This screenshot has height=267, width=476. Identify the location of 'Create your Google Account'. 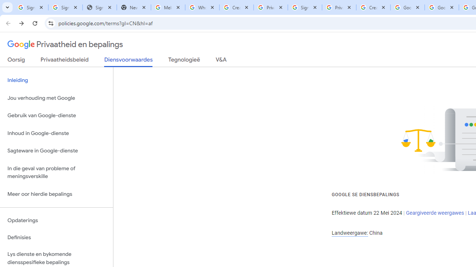
(373, 7).